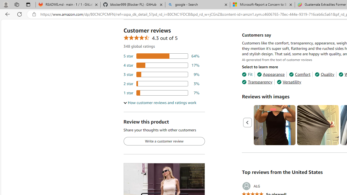 This screenshot has width=347, height=195. Describe the element at coordinates (257, 82) in the screenshot. I see `'Transparency'` at that location.